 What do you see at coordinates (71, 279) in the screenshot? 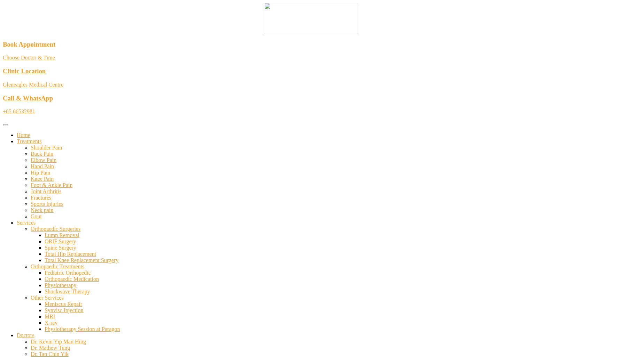
I see `'Orthopaedic Medication'` at bounding box center [71, 279].